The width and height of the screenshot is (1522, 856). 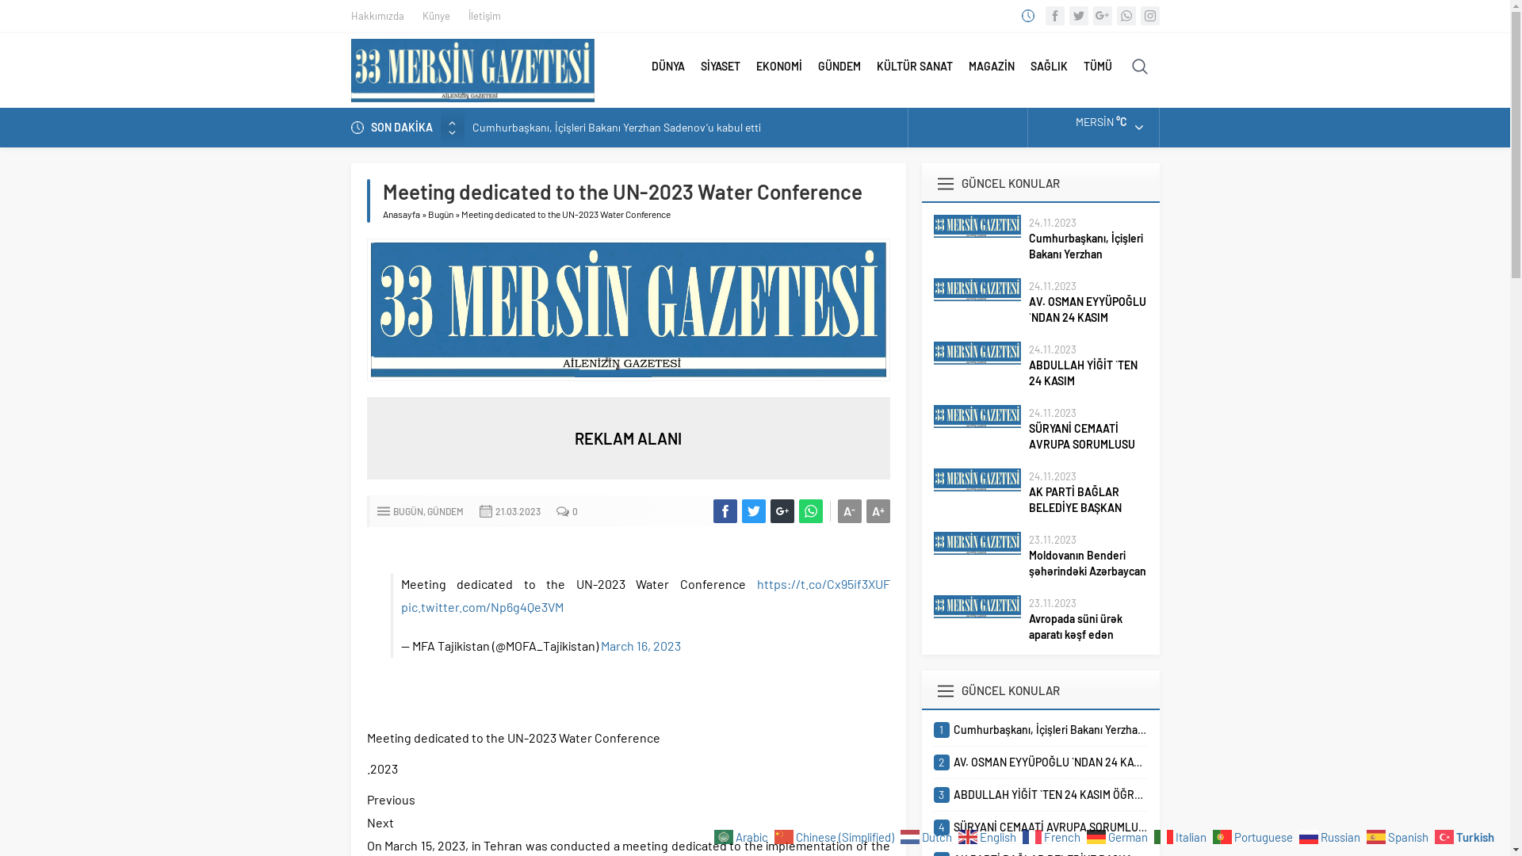 I want to click on 'Arabic', so click(x=713, y=835).